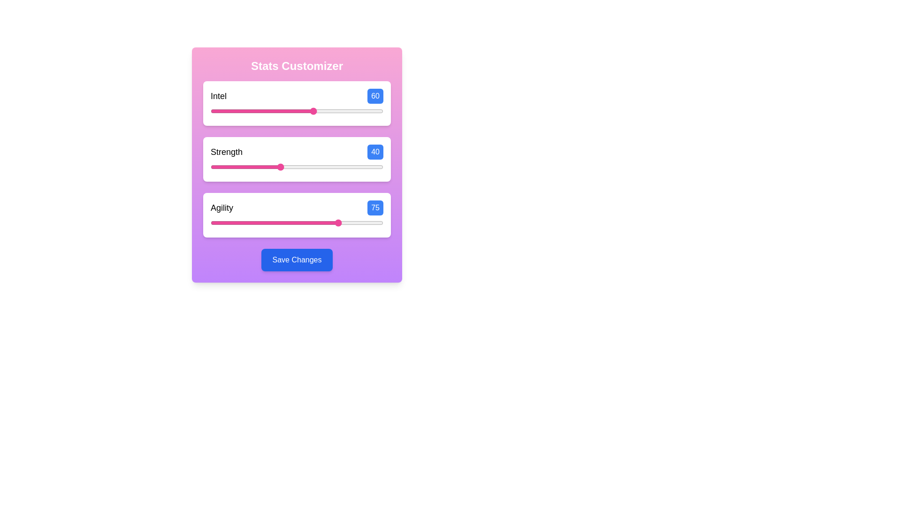 The width and height of the screenshot is (901, 507). What do you see at coordinates (290, 166) in the screenshot?
I see `the Strength slider` at bounding box center [290, 166].